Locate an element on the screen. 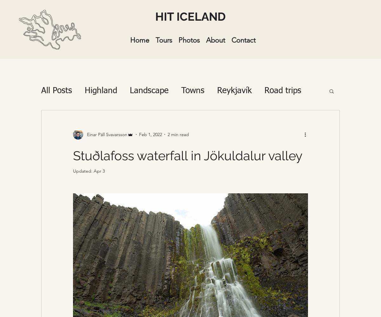  'Landscape' is located at coordinates (149, 91).